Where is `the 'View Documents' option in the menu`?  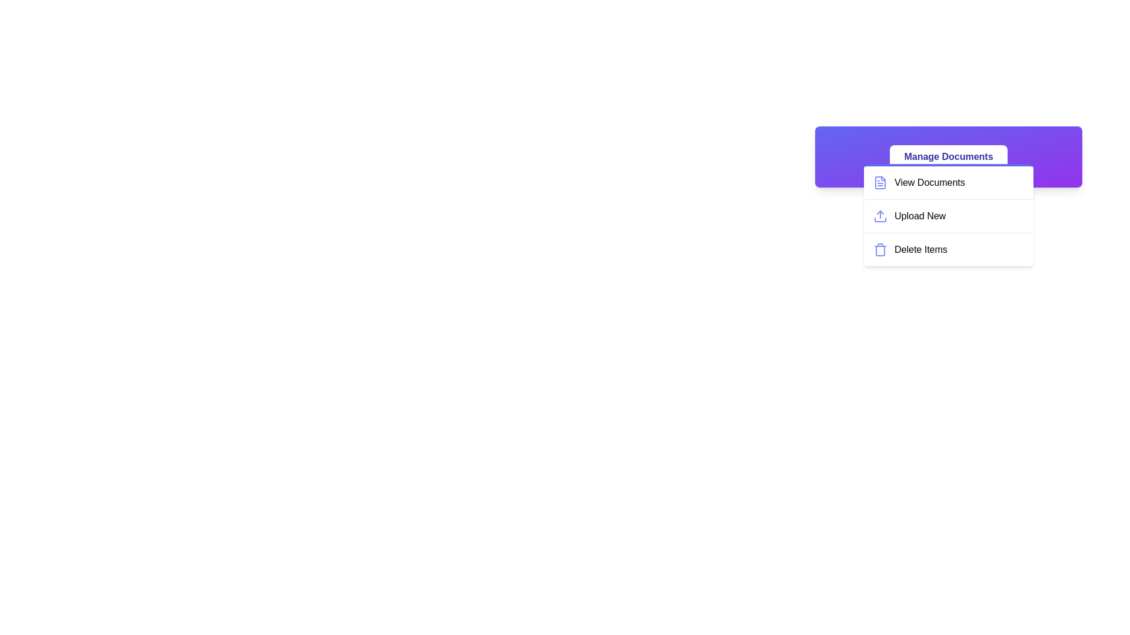
the 'View Documents' option in the menu is located at coordinates (949, 183).